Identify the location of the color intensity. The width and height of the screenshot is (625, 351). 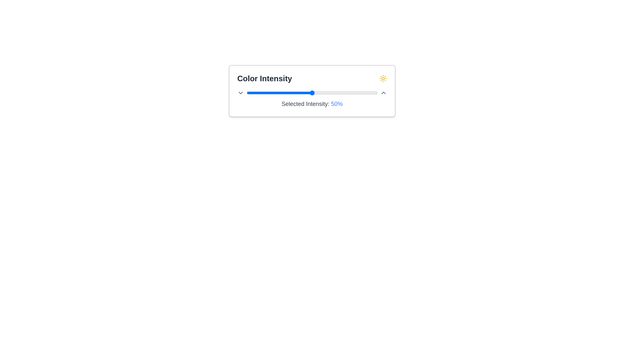
(373, 93).